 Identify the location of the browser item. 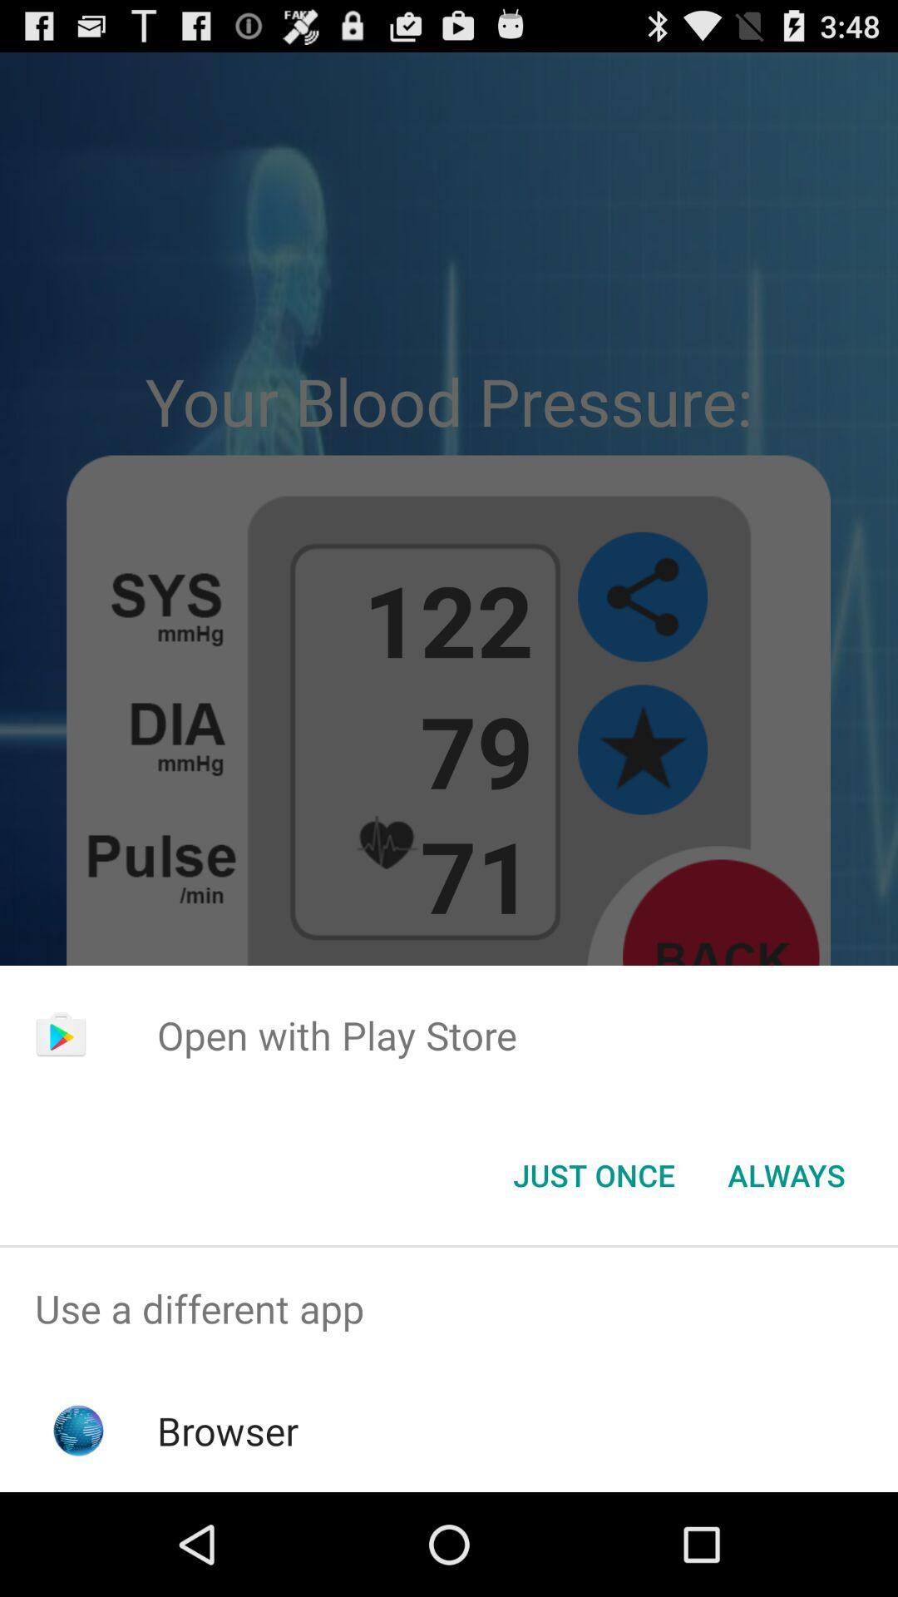
(228, 1430).